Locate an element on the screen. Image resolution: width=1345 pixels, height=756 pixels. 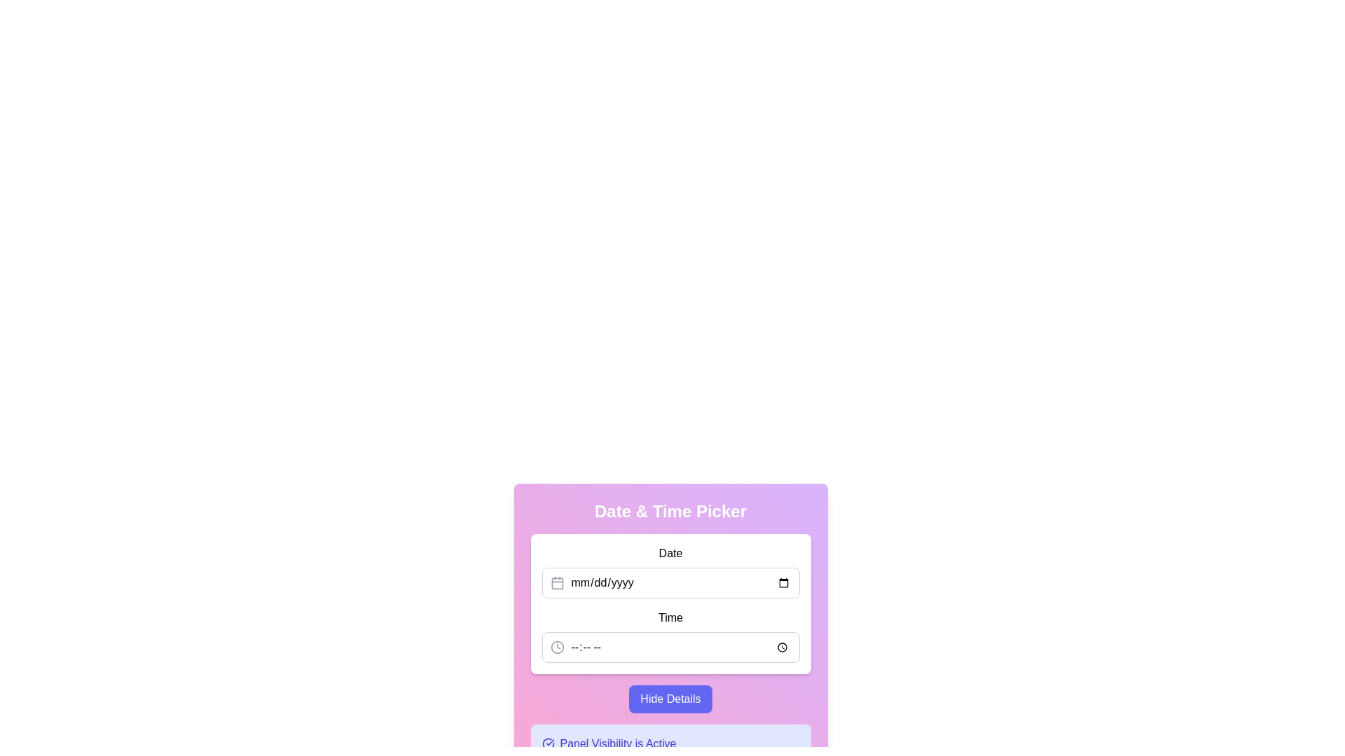
the input field associated with the time icon located next to the placeholder text '--:-- --' is located at coordinates (556, 647).